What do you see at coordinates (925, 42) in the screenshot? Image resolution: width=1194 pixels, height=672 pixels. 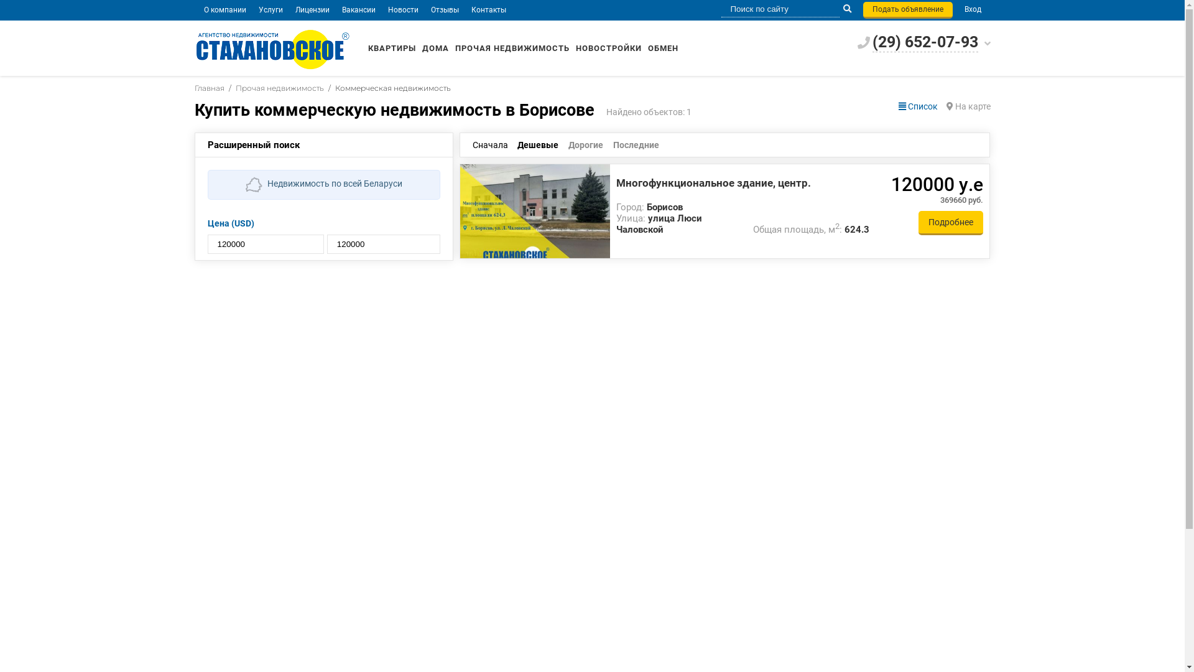 I see `'(29) 652-07-93'` at bounding box center [925, 42].